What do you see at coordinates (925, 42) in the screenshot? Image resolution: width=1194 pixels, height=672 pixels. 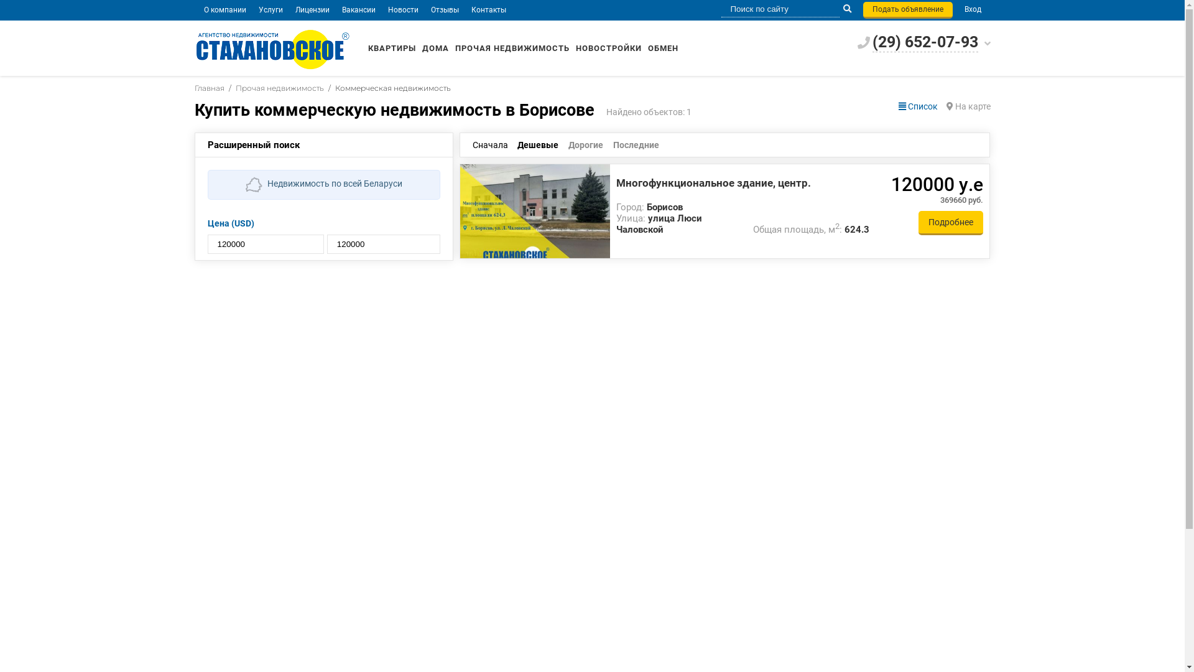 I see `'(29) 652-07-93'` at bounding box center [925, 42].